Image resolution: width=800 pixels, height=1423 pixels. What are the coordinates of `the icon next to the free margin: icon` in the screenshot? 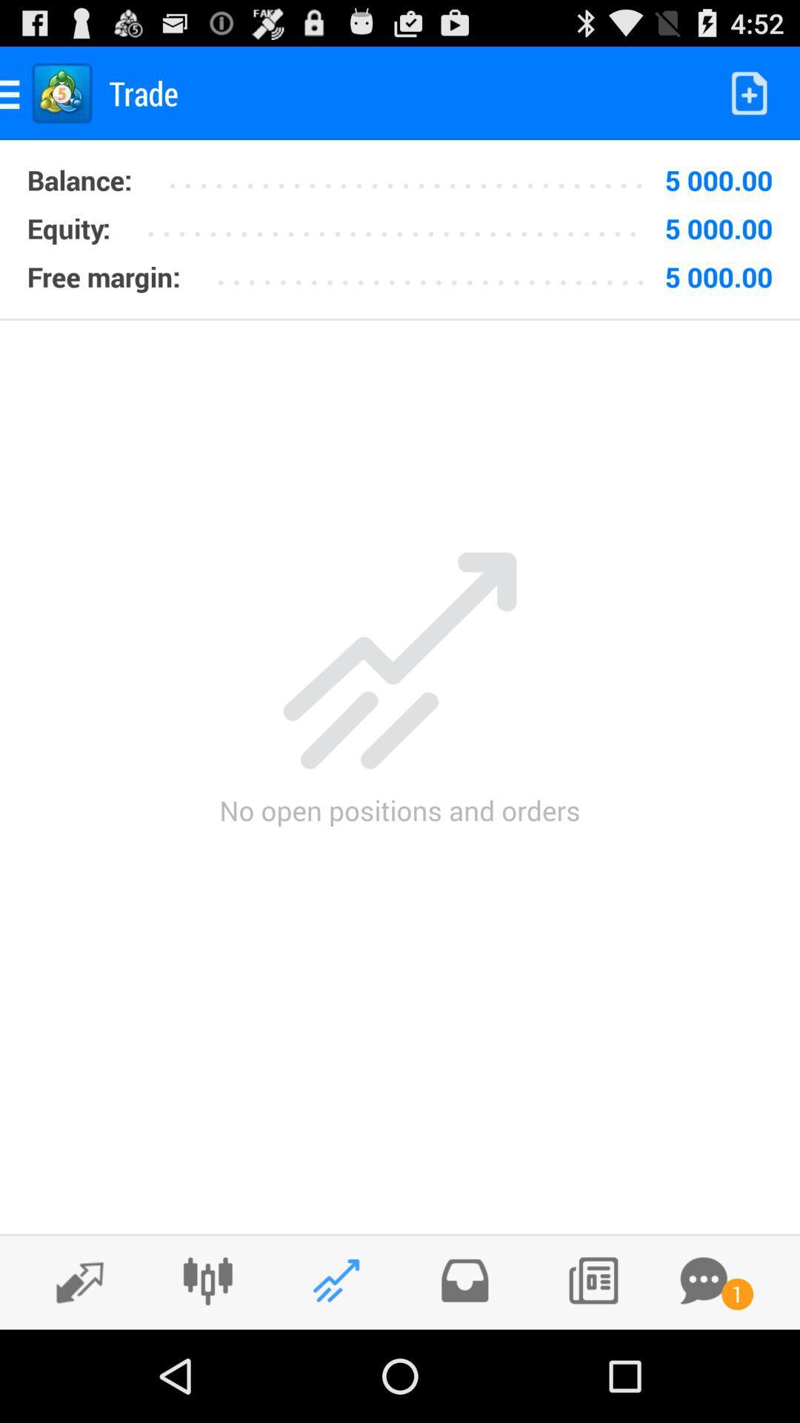 It's located at (436, 271).